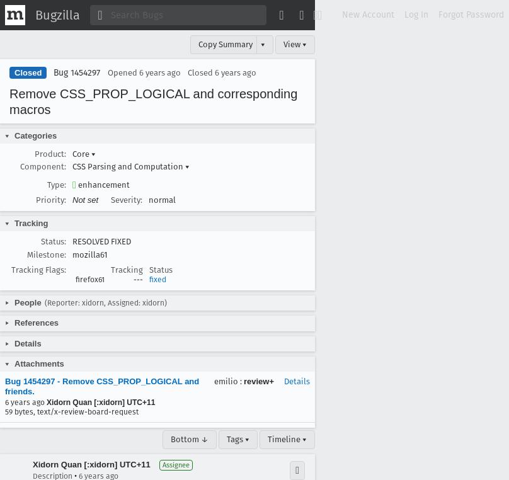  What do you see at coordinates (416, 14) in the screenshot?
I see `'Log In'` at bounding box center [416, 14].